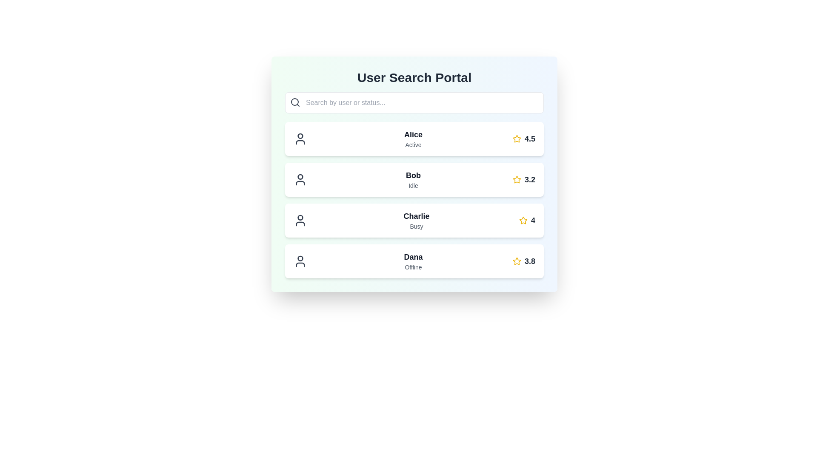  Describe the element at coordinates (413, 261) in the screenshot. I see `displayed text from the text block element showing the username 'Dana' and status 'Offline', located in the fourth row of the user list` at that location.